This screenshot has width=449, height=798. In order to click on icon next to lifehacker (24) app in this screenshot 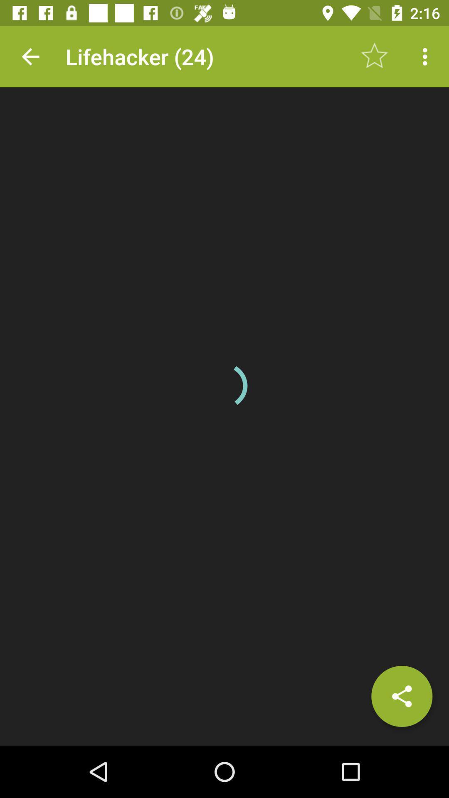, I will do `click(30, 56)`.